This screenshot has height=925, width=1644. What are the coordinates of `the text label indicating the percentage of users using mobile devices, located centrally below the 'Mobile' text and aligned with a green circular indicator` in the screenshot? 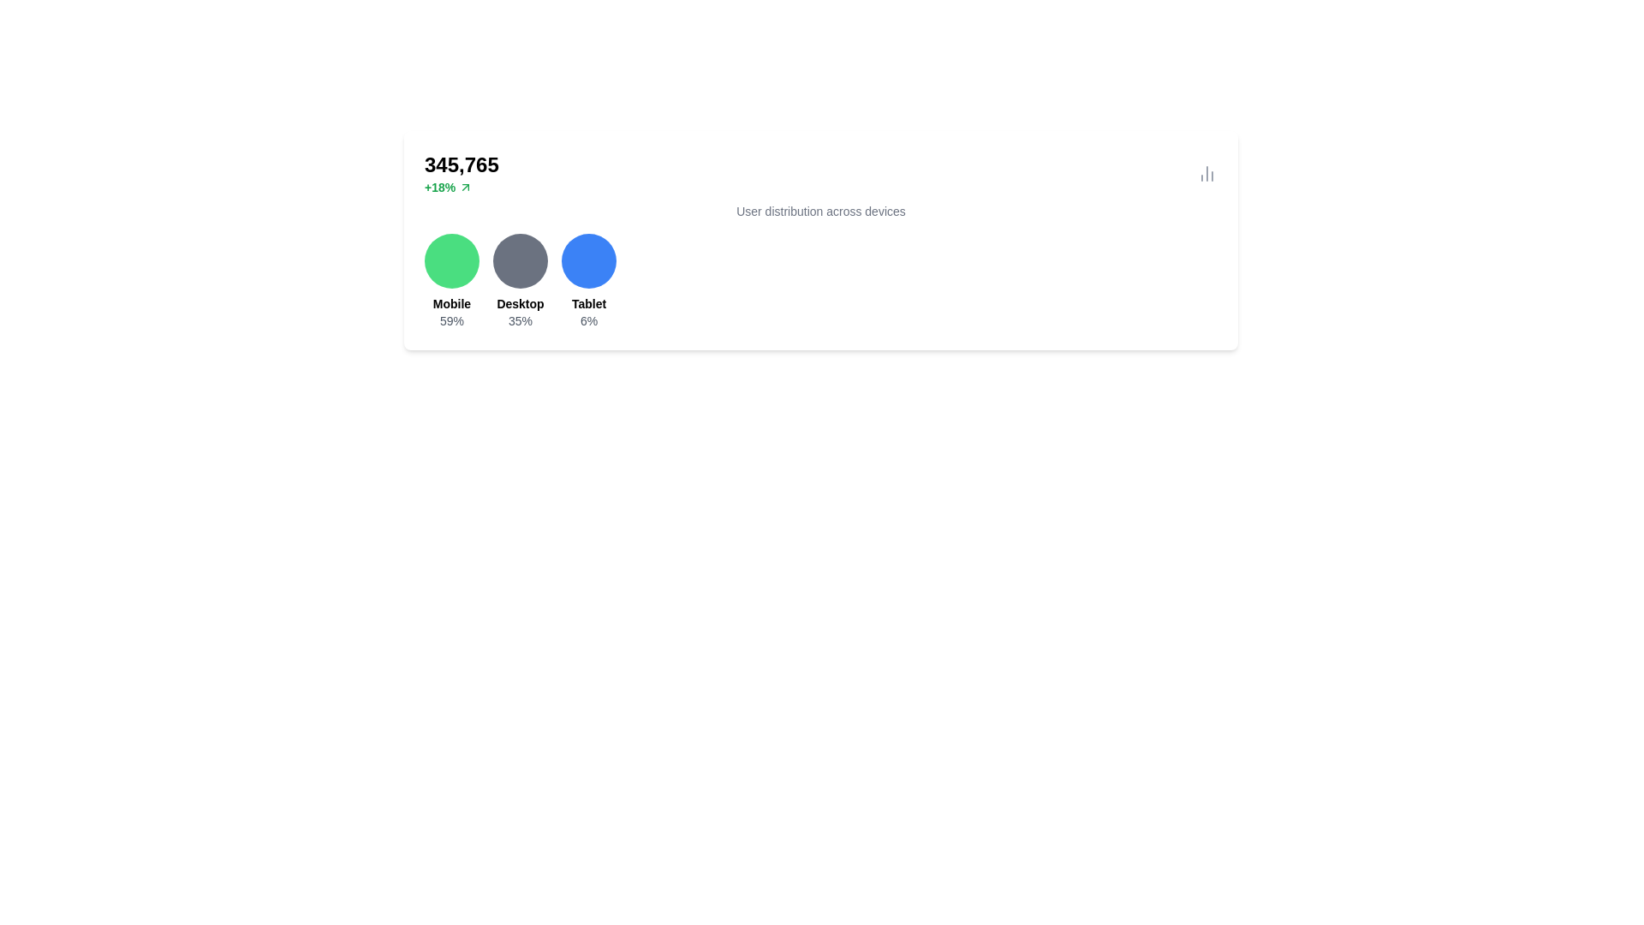 It's located at (452, 320).